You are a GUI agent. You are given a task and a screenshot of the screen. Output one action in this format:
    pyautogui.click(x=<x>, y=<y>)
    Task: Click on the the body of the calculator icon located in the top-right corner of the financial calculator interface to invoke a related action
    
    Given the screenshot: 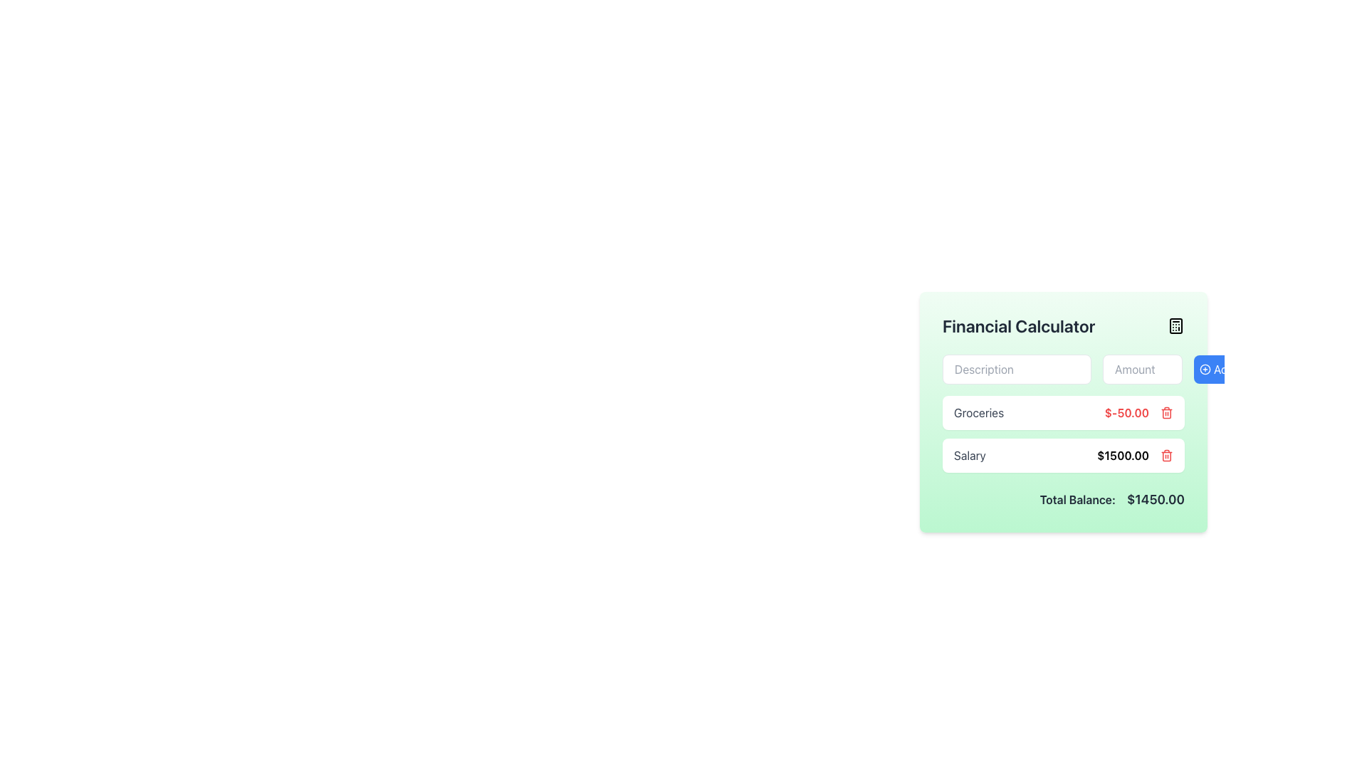 What is the action you would take?
    pyautogui.click(x=1175, y=326)
    